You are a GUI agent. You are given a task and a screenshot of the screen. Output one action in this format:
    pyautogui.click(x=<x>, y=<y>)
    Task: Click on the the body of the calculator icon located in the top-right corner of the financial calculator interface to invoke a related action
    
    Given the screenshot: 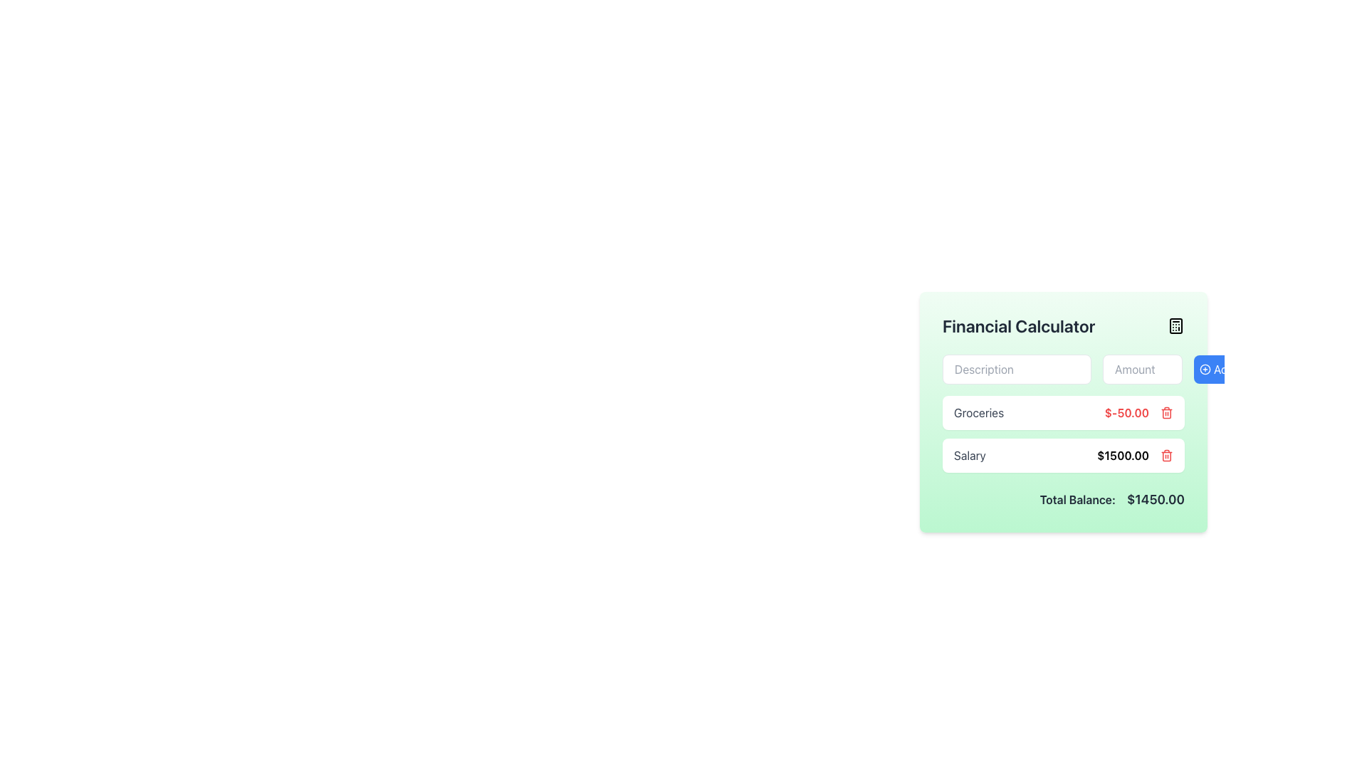 What is the action you would take?
    pyautogui.click(x=1175, y=326)
    